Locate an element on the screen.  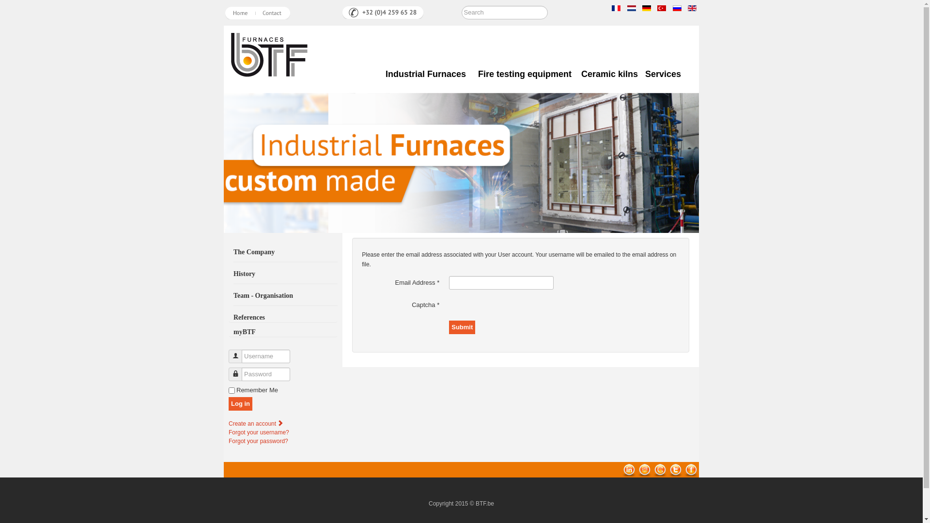
'Francais' is located at coordinates (611, 8).